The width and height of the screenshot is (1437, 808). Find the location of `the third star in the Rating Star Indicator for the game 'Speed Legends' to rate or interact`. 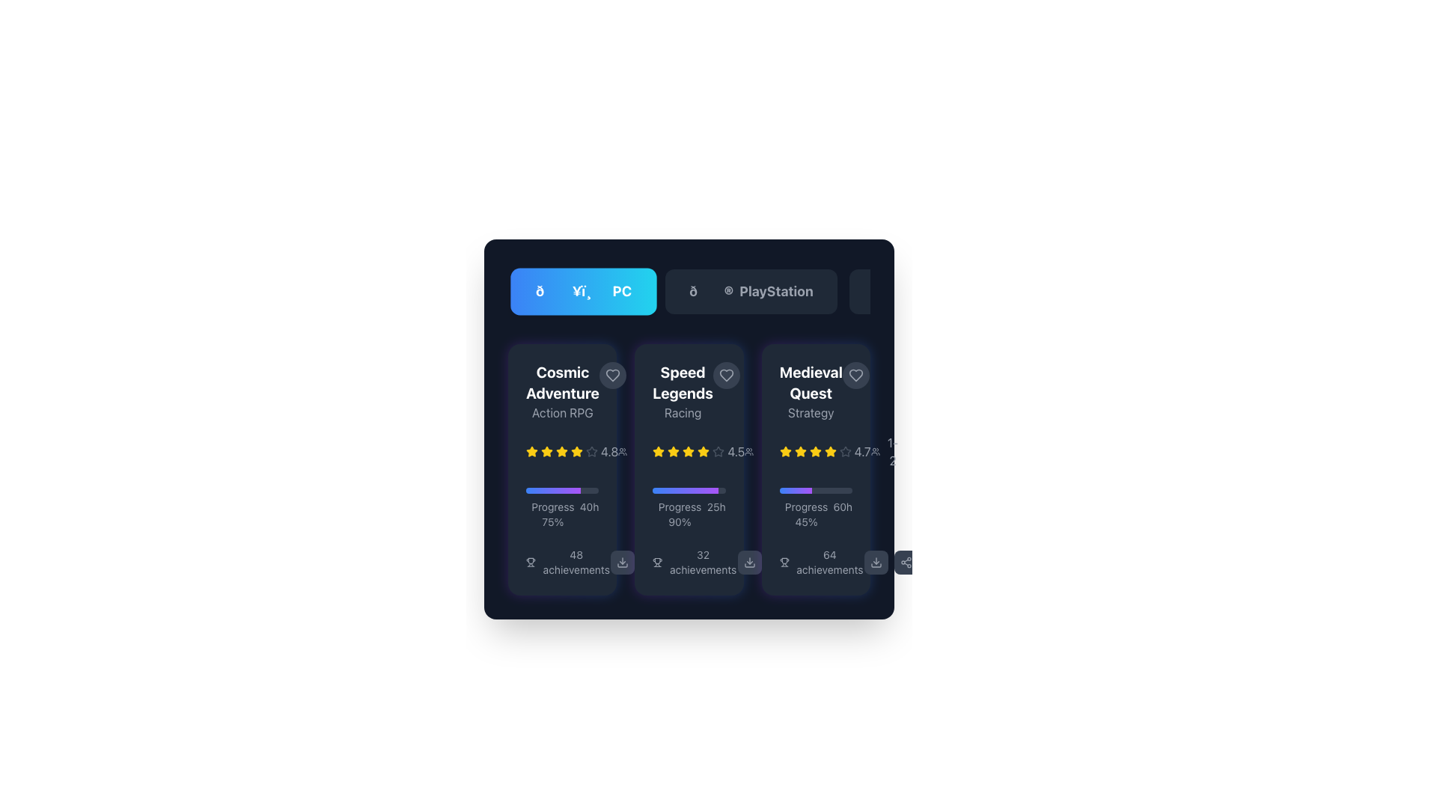

the third star in the Rating Star Indicator for the game 'Speed Legends' to rate or interact is located at coordinates (703, 450).